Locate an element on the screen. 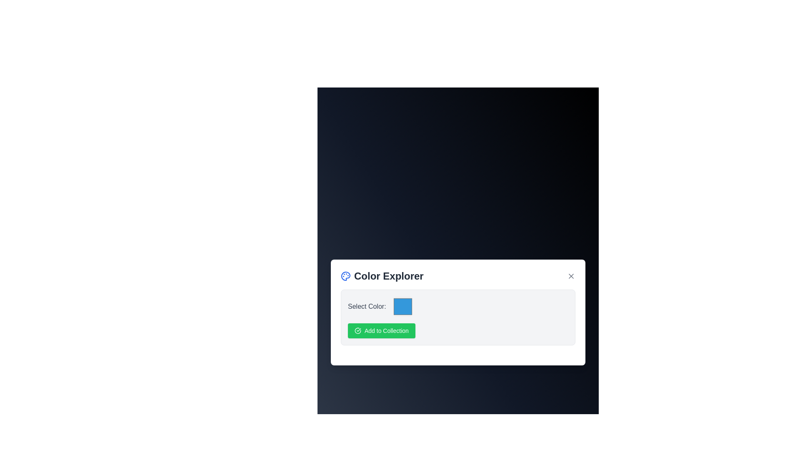 Image resolution: width=800 pixels, height=450 pixels. the Icon representing the 'Color Explorer' section, which is positioned at the start of its title, aligned to the left of the text is located at coordinates (346, 276).